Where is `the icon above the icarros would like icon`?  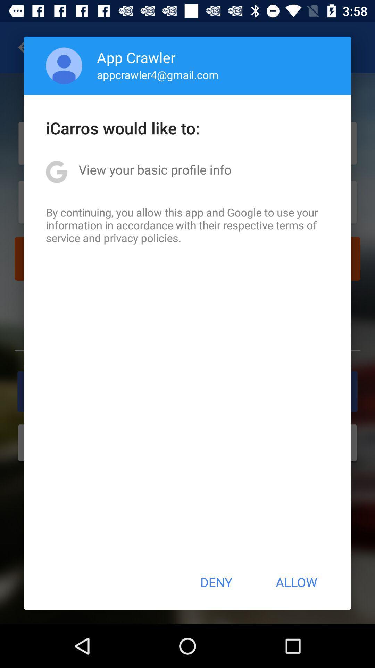
the icon above the icarros would like icon is located at coordinates (158, 74).